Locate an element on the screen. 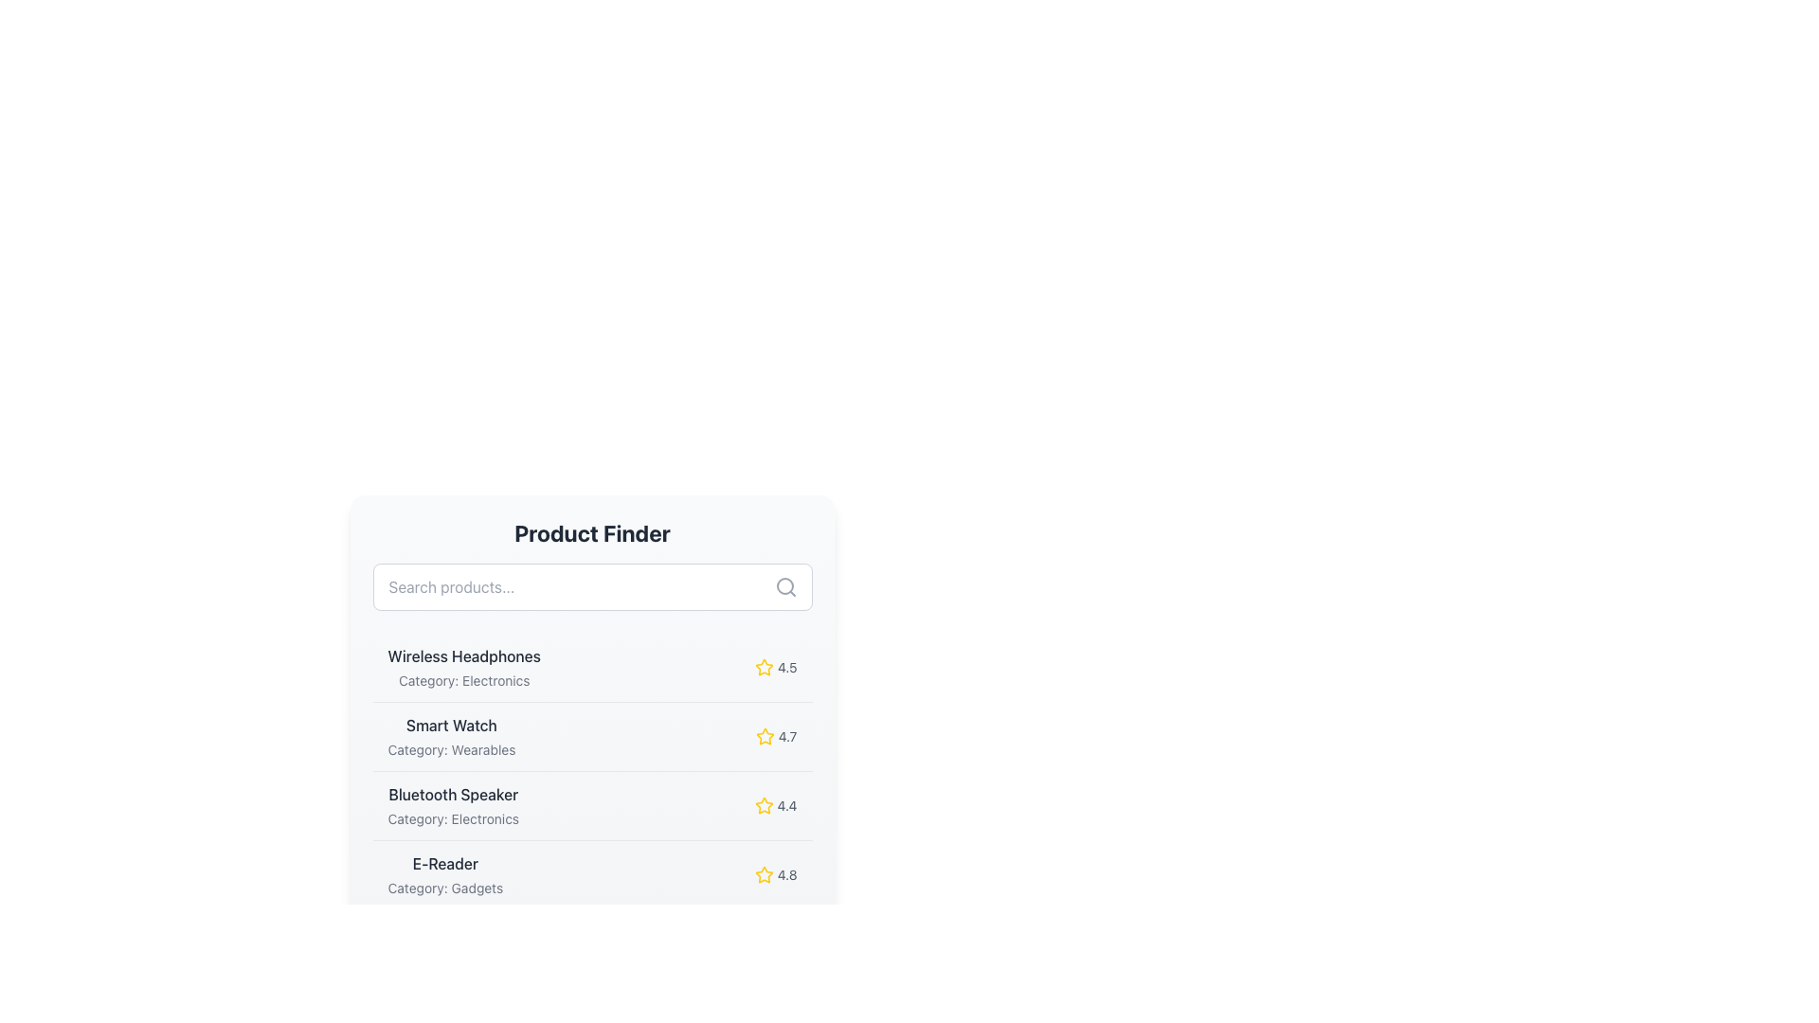  the fourth item in the list that provides information about the product 'E-Reader', located between 'Bluetooth Speaker' and 'Action Camera' is located at coordinates (591, 874).